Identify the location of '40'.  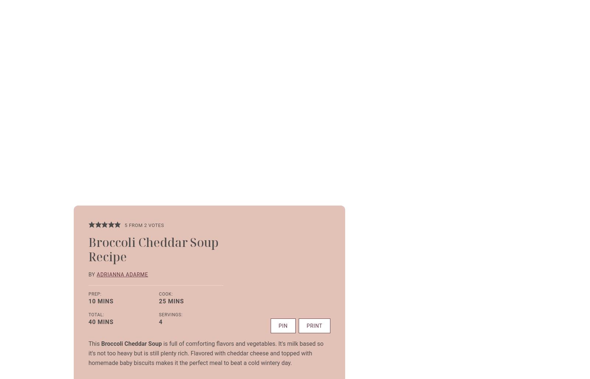
(92, 321).